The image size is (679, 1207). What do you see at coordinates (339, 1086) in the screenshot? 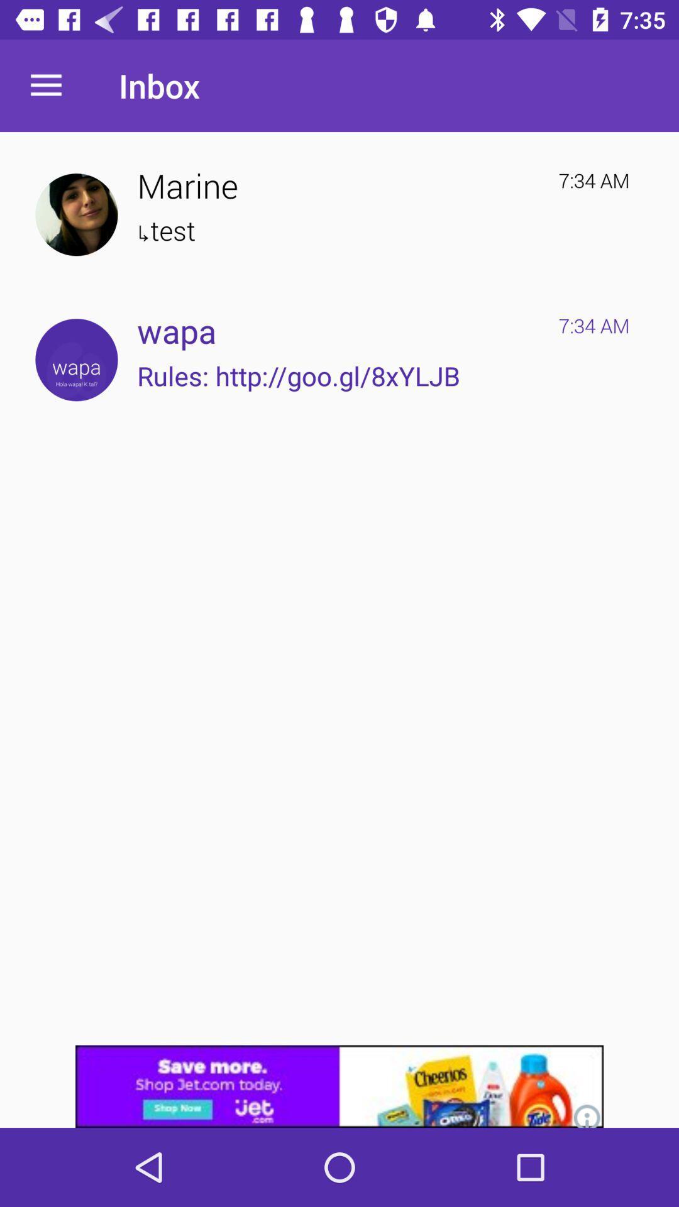
I see `blink advertisement` at bounding box center [339, 1086].